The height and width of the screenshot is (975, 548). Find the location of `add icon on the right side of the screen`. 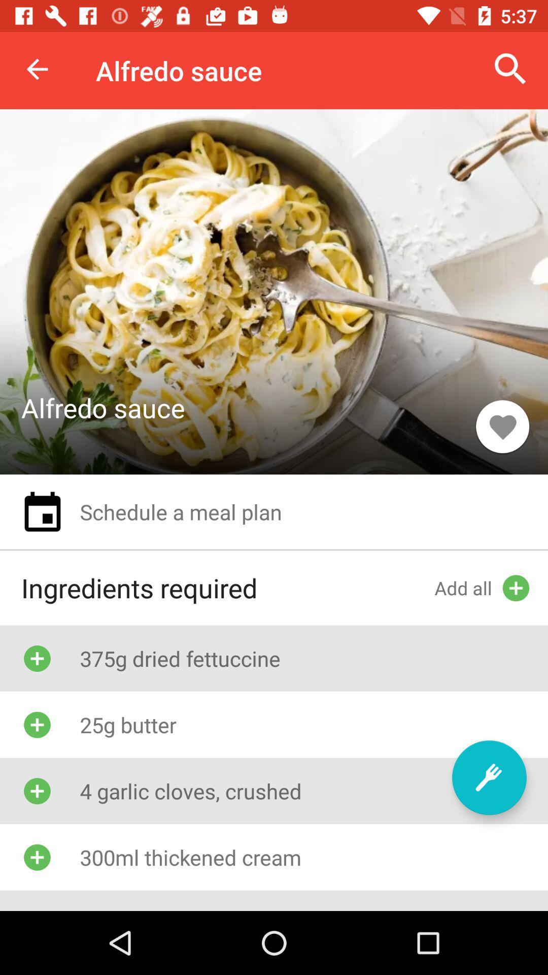

add icon on the right side of the screen is located at coordinates (516, 588).